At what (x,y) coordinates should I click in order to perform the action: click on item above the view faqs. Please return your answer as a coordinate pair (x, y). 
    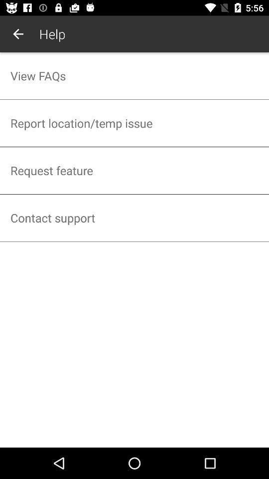
    Looking at the image, I should click on (18, 34).